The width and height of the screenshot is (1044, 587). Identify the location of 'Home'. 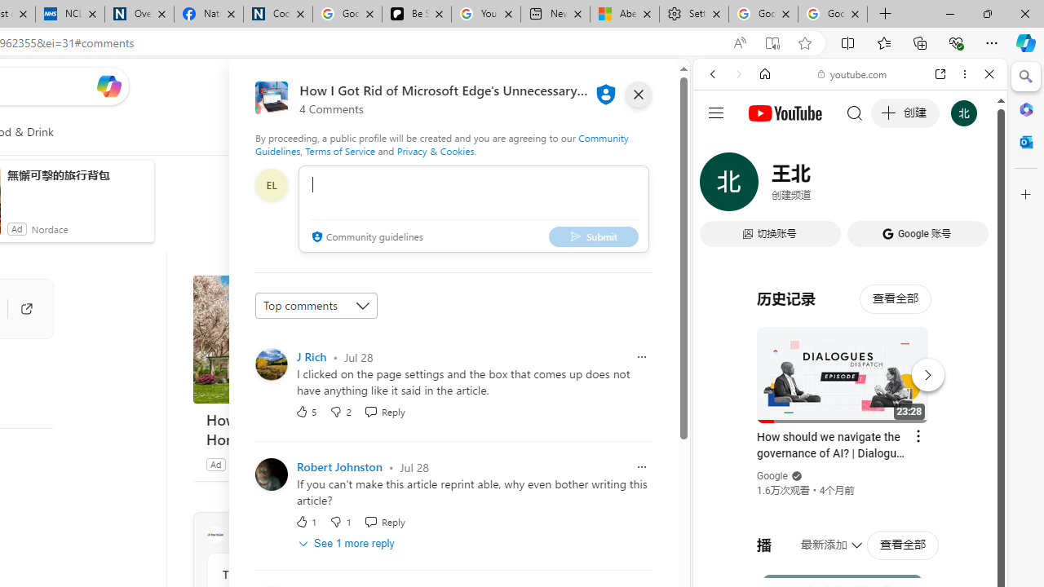
(764, 74).